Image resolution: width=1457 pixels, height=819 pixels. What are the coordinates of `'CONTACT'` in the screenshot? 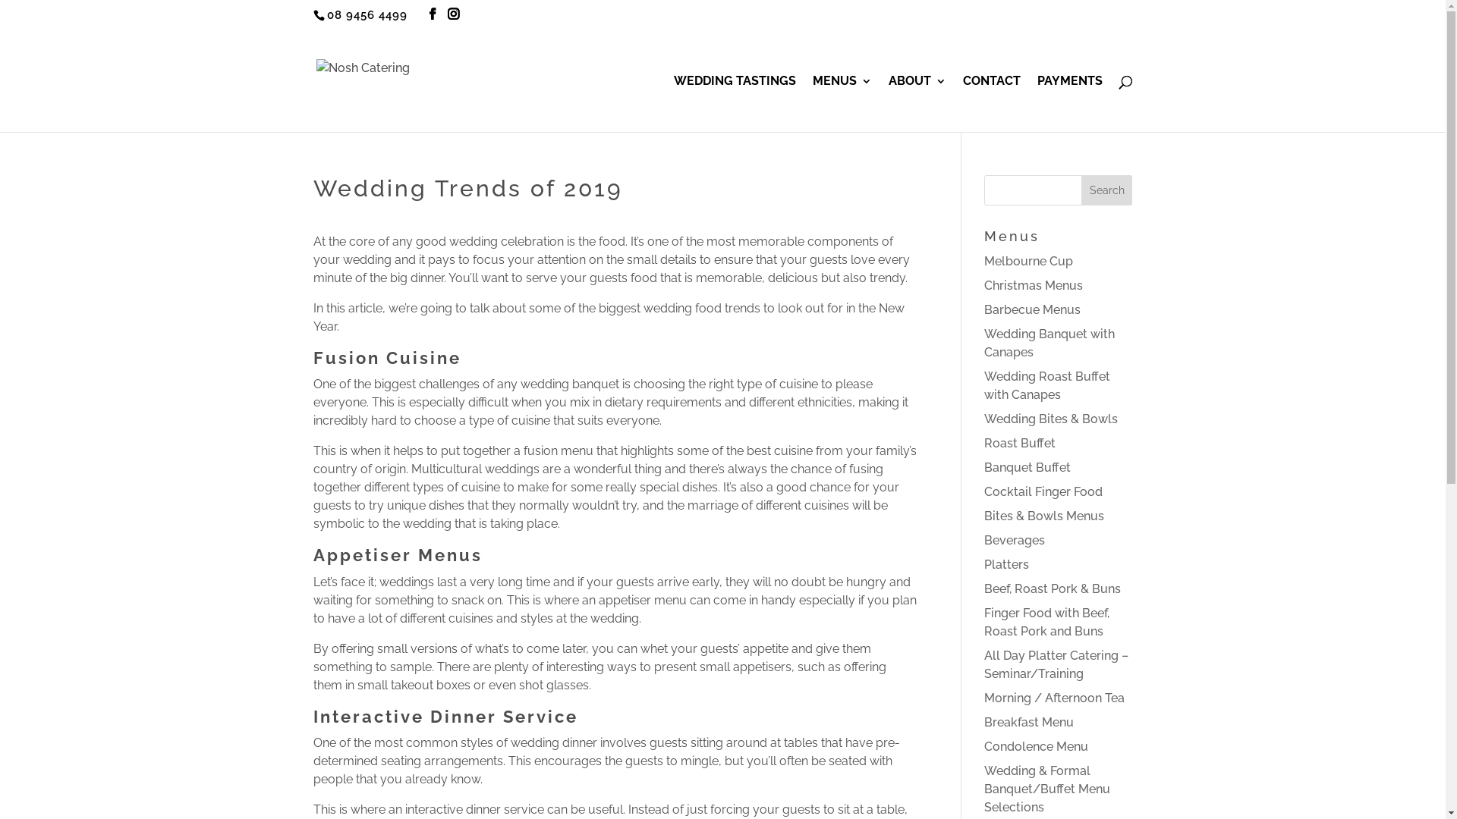 It's located at (990, 103).